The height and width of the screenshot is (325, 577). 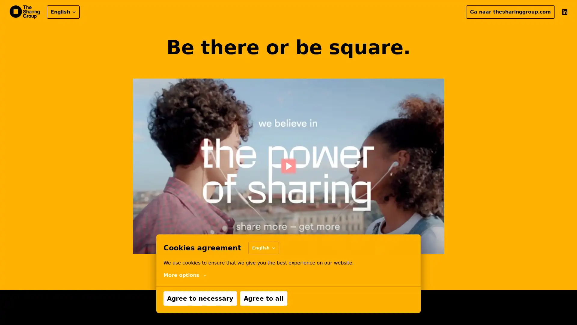 I want to click on Agree to all, so click(x=264, y=298).